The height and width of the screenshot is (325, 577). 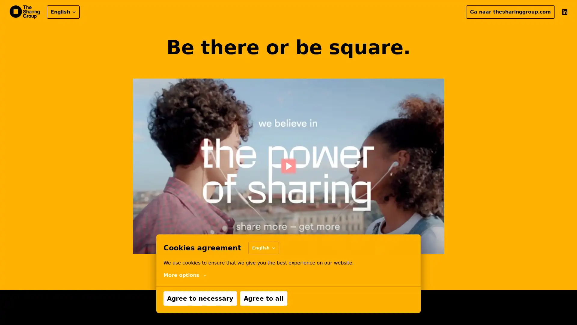 I want to click on Agree to all, so click(x=264, y=298).